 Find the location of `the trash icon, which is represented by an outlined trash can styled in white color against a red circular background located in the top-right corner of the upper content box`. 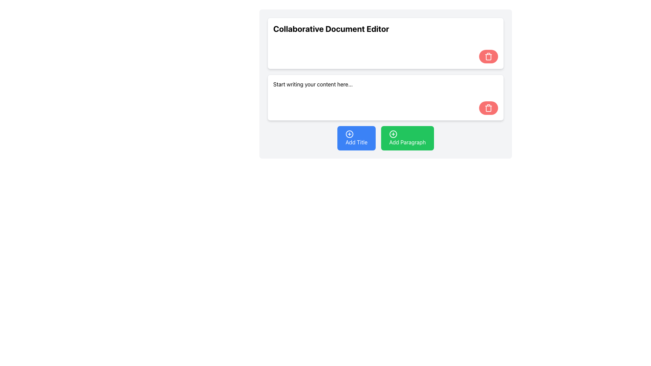

the trash icon, which is represented by an outlined trash can styled in white color against a red circular background located in the top-right corner of the upper content box is located at coordinates (488, 56).